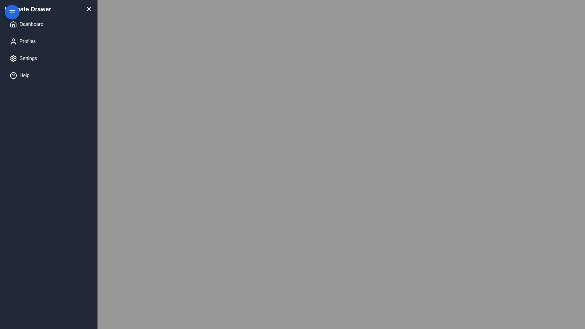  What do you see at coordinates (13, 23) in the screenshot?
I see `the house icon in the vertical navigation menu that indicates the 'Dashboard' section` at bounding box center [13, 23].